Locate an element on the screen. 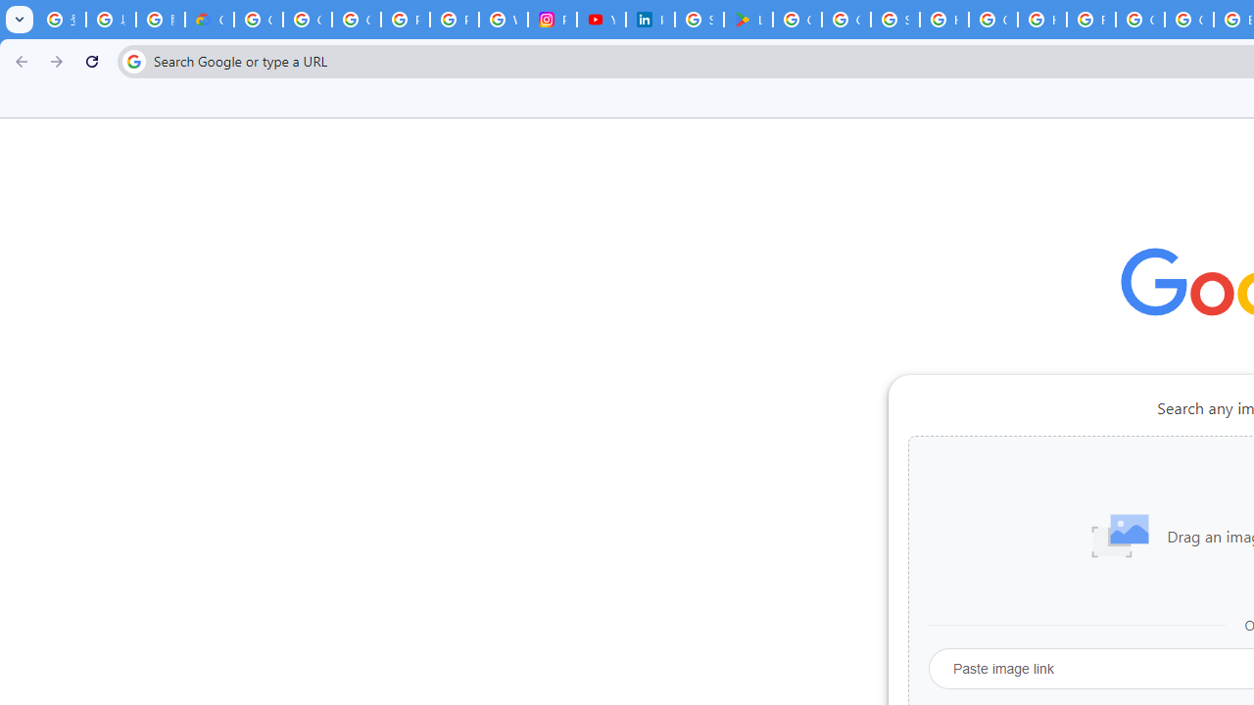  'Last Shelter: Survival - Apps on Google Play' is located at coordinates (747, 20).